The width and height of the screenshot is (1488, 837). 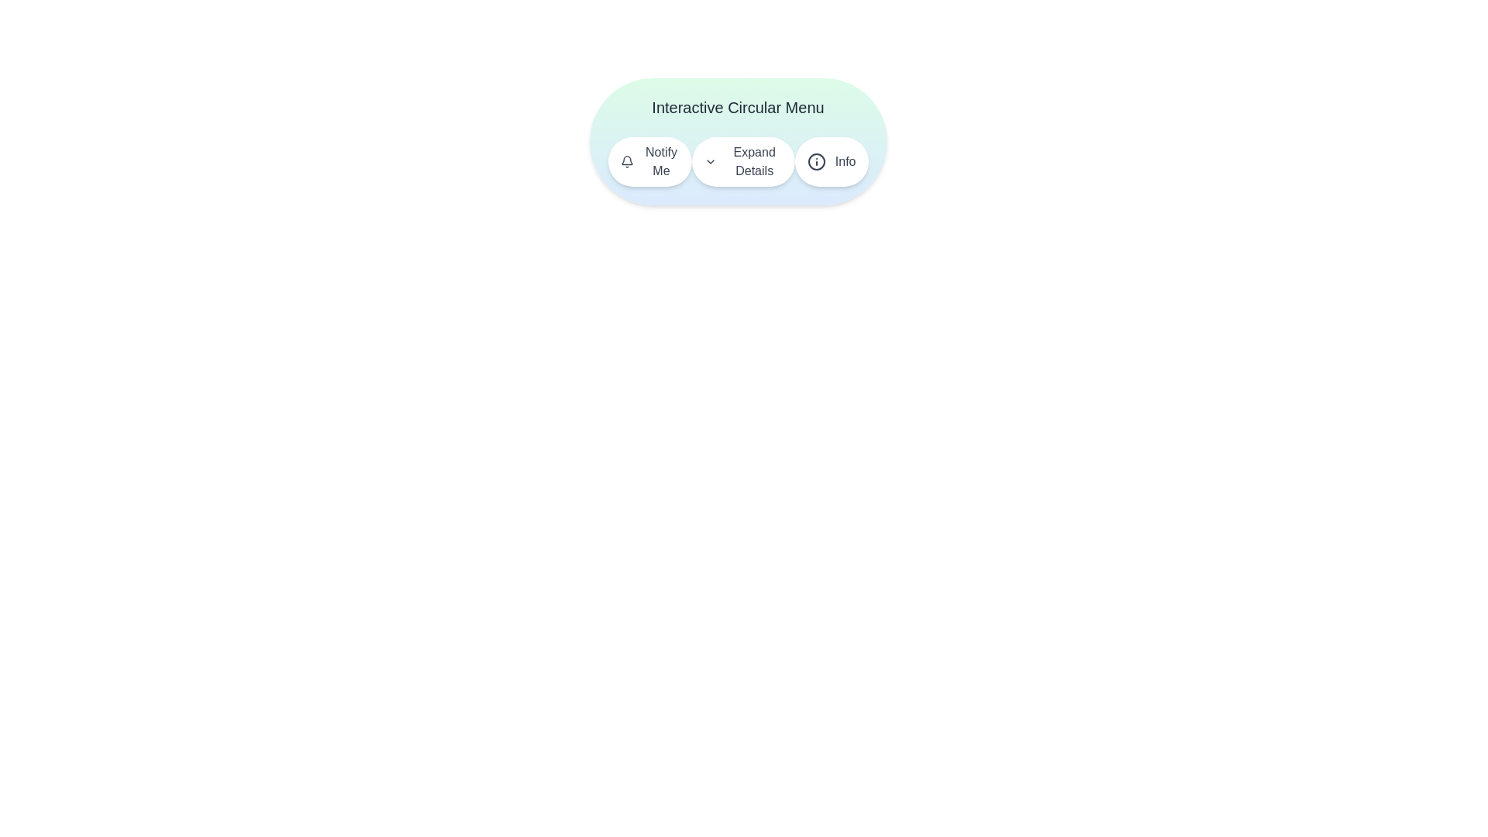 I want to click on the 'Info' button to trigger the associated action, so click(x=831, y=161).